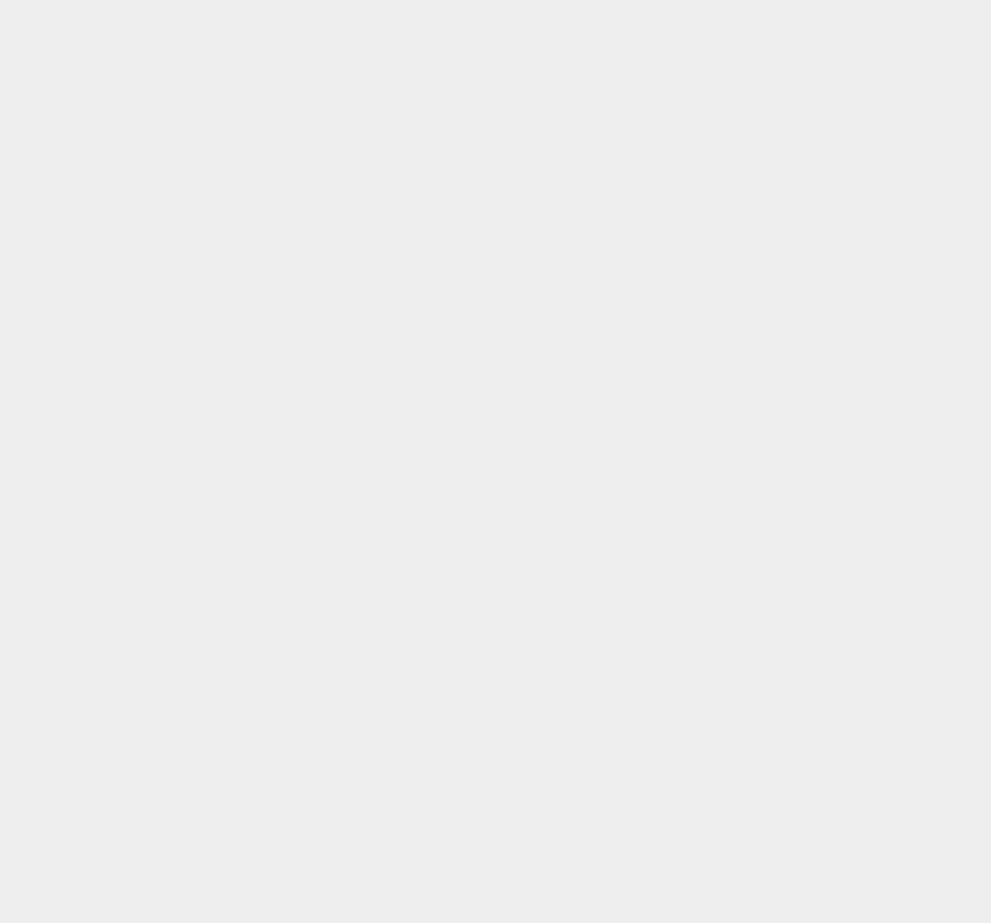 This screenshot has height=923, width=991. I want to click on 'OS X 10.10.3', so click(700, 668).